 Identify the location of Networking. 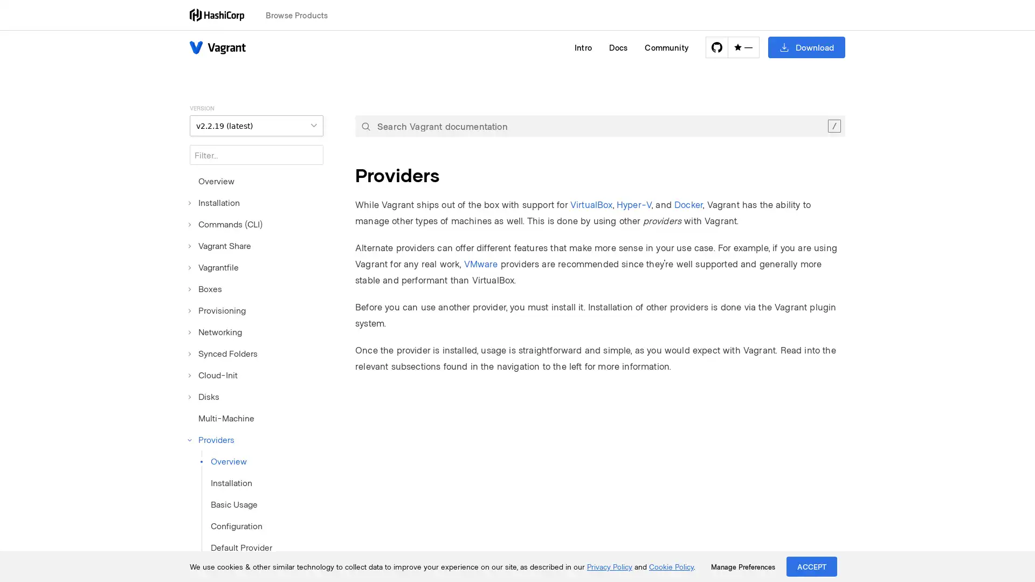
(216, 331).